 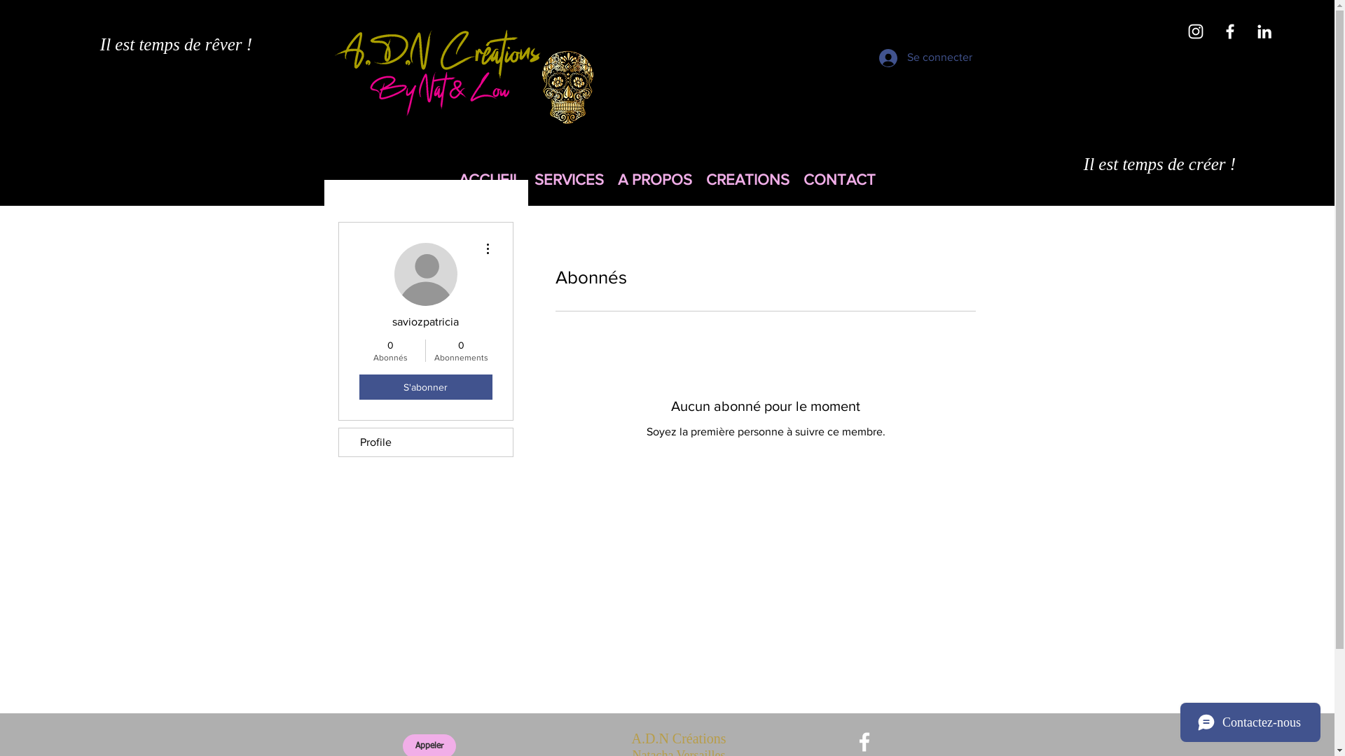 I want to click on 'A PROPOS', so click(x=654, y=178).